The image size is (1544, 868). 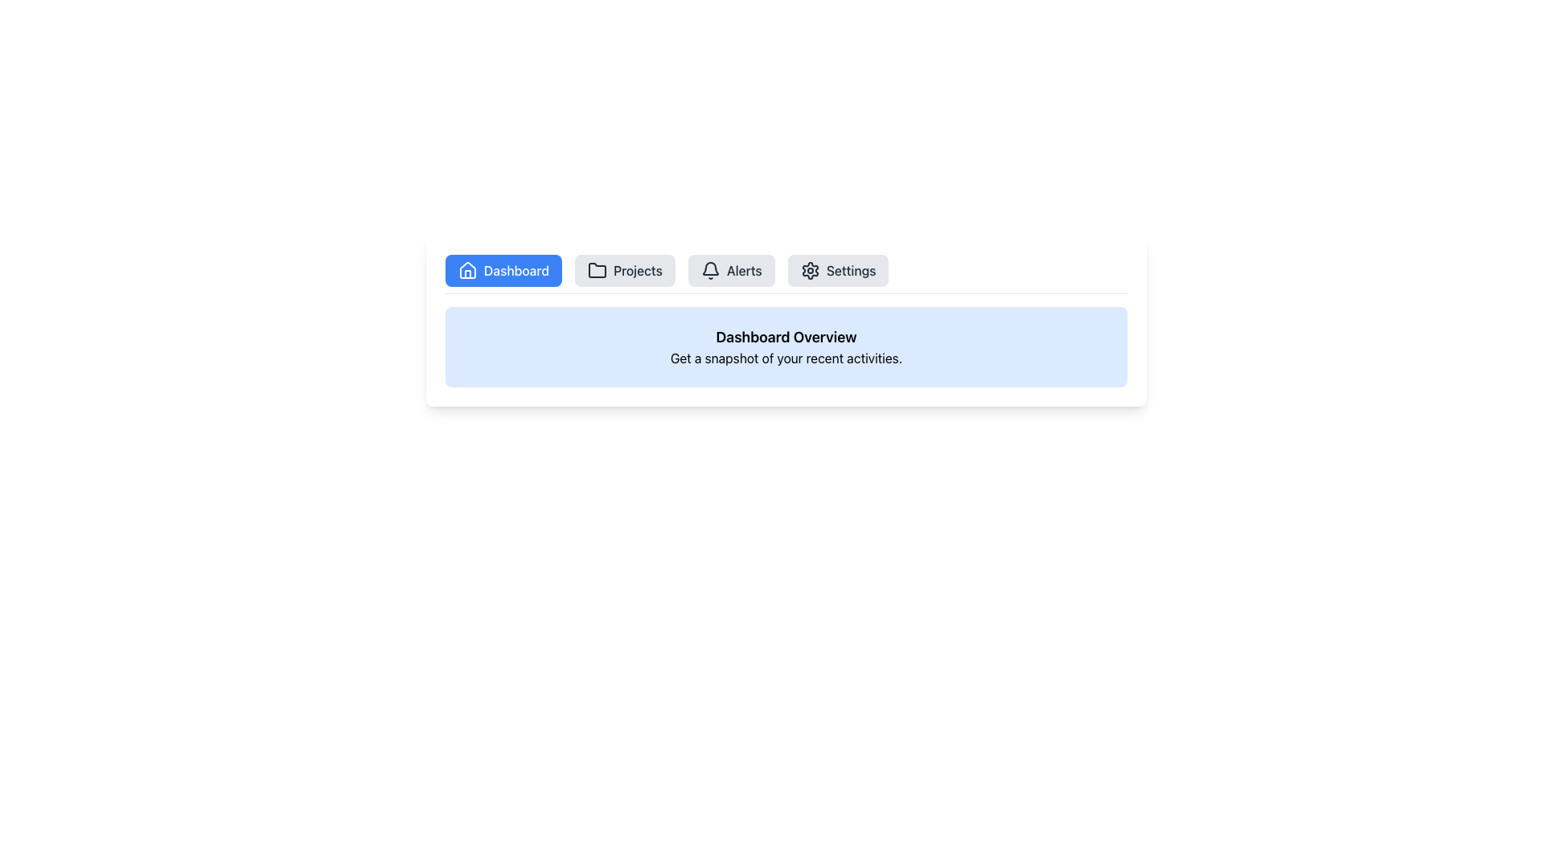 I want to click on the 'Projects' button, which features a folder icon and transitions to blue on hover, located in the horizontal navigation bar between 'Dashboard' and 'Alerts', so click(x=624, y=269).